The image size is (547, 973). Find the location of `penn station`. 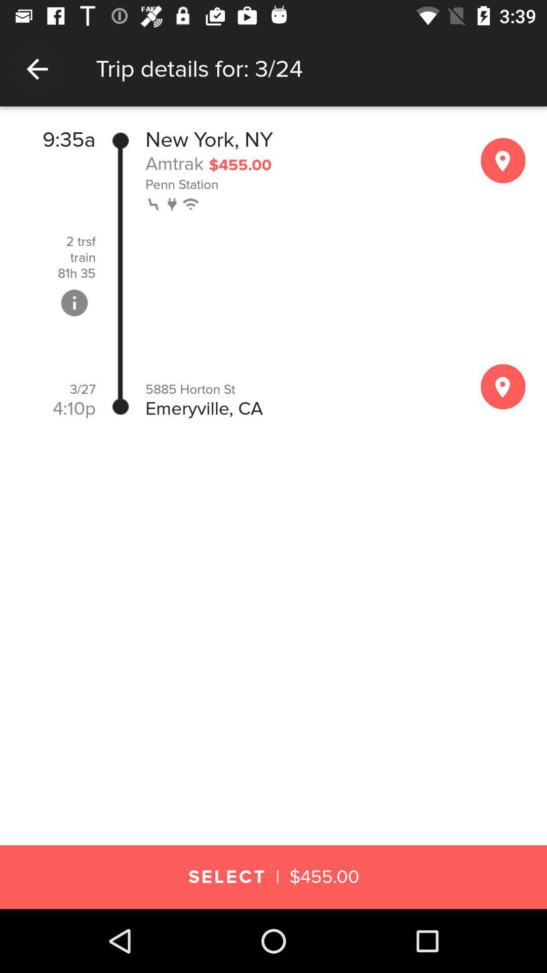

penn station is located at coordinates (302, 183).